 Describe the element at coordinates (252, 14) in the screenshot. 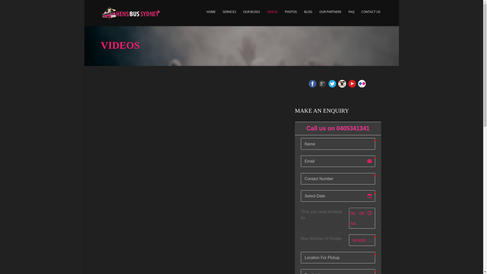

I see `'OUR BUSES'` at that location.